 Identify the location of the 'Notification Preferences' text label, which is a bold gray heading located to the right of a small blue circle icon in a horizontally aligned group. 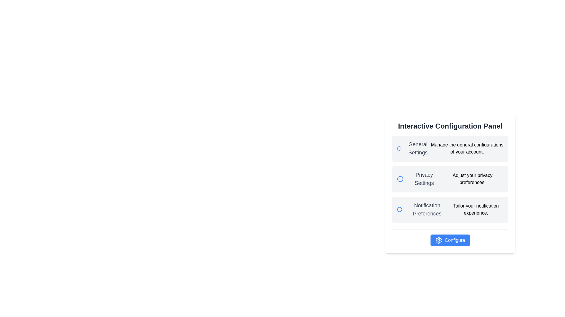
(427, 209).